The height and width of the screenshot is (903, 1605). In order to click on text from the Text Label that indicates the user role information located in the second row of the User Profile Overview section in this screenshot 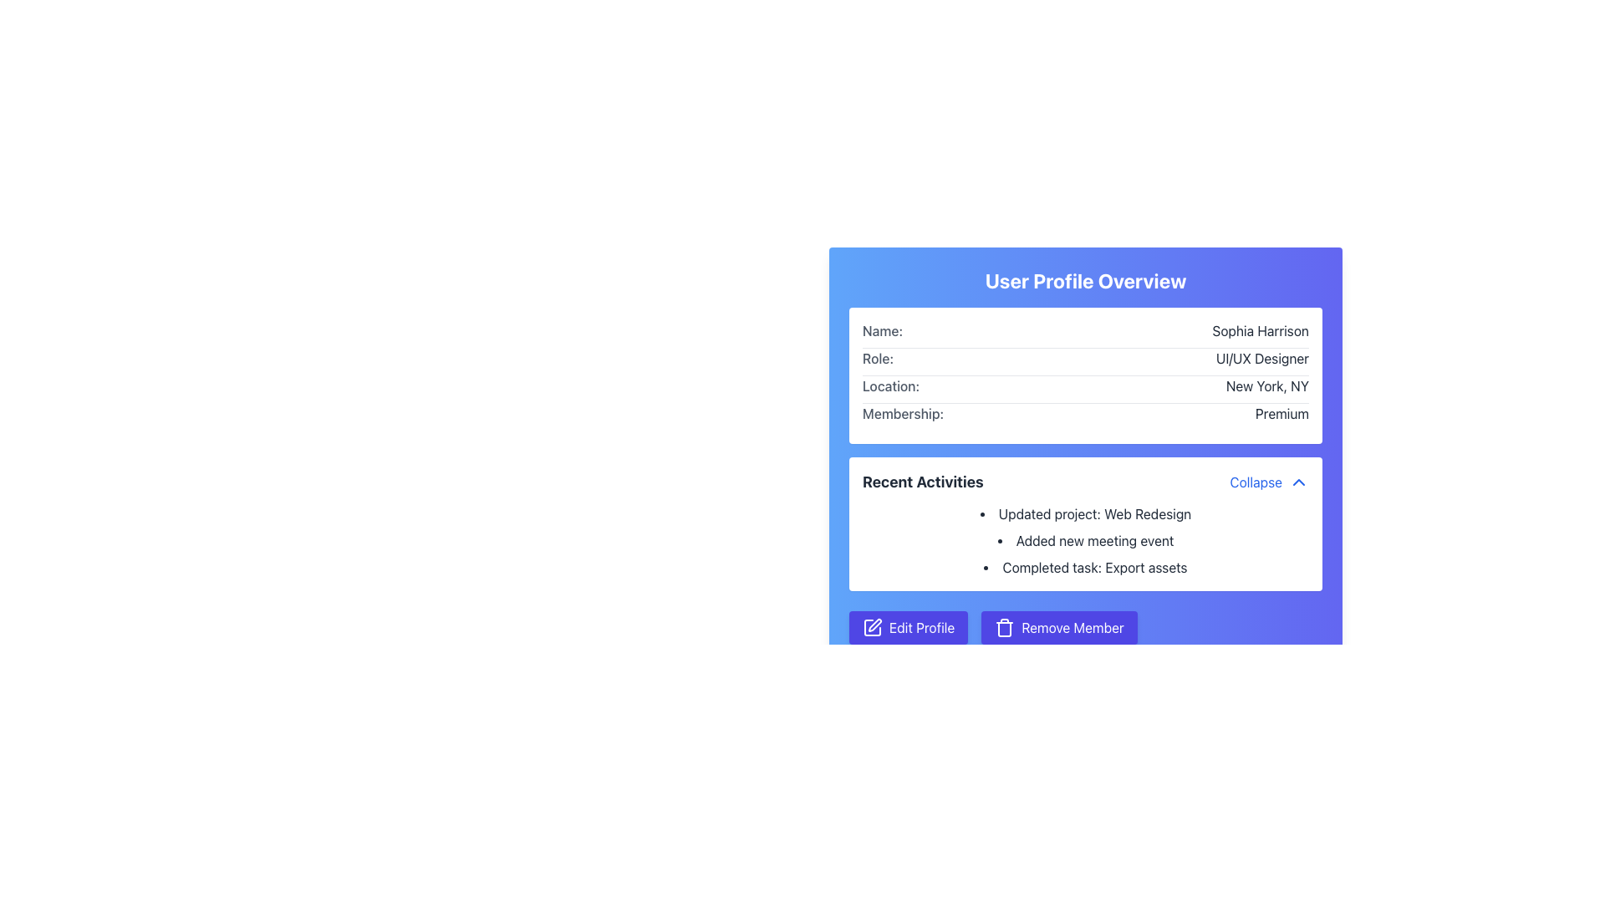, I will do `click(877, 357)`.